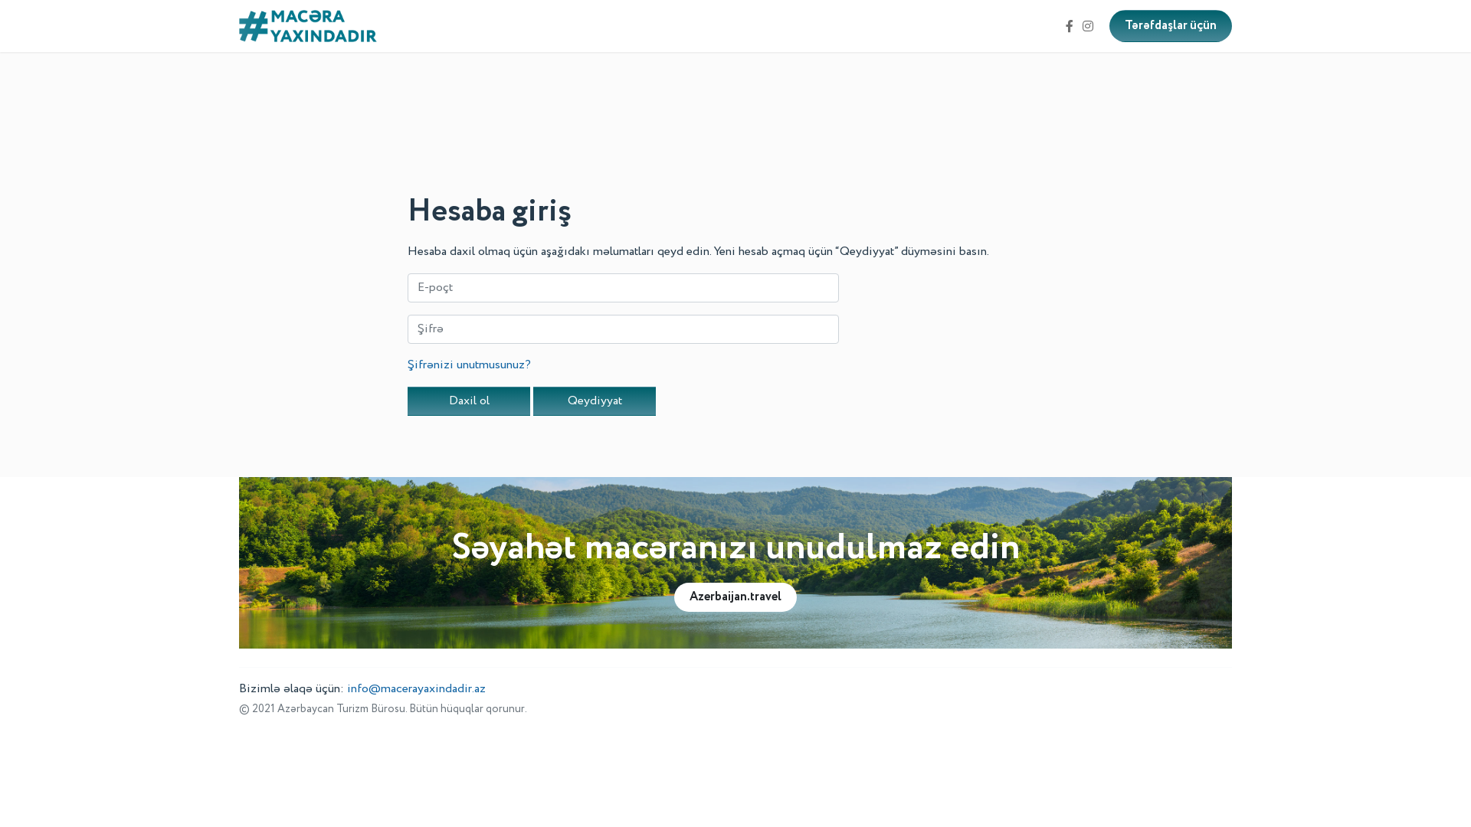 Image resolution: width=1471 pixels, height=827 pixels. I want to click on 'Qeydiyyat', so click(594, 400).